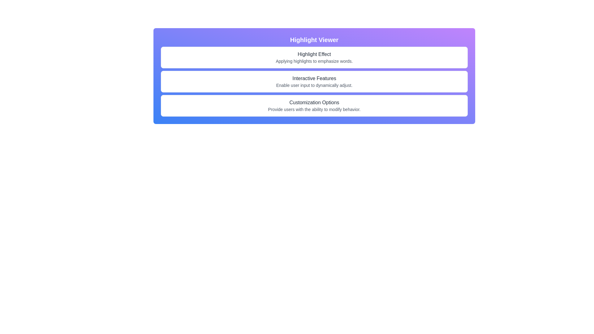 Image resolution: width=594 pixels, height=334 pixels. Describe the element at coordinates (301, 102) in the screenshot. I see `the character 'o' in the word 'Customization', which is part of the text 'Customization Options' located in the bottom section of the interface titled 'Highlight Viewer'` at that location.